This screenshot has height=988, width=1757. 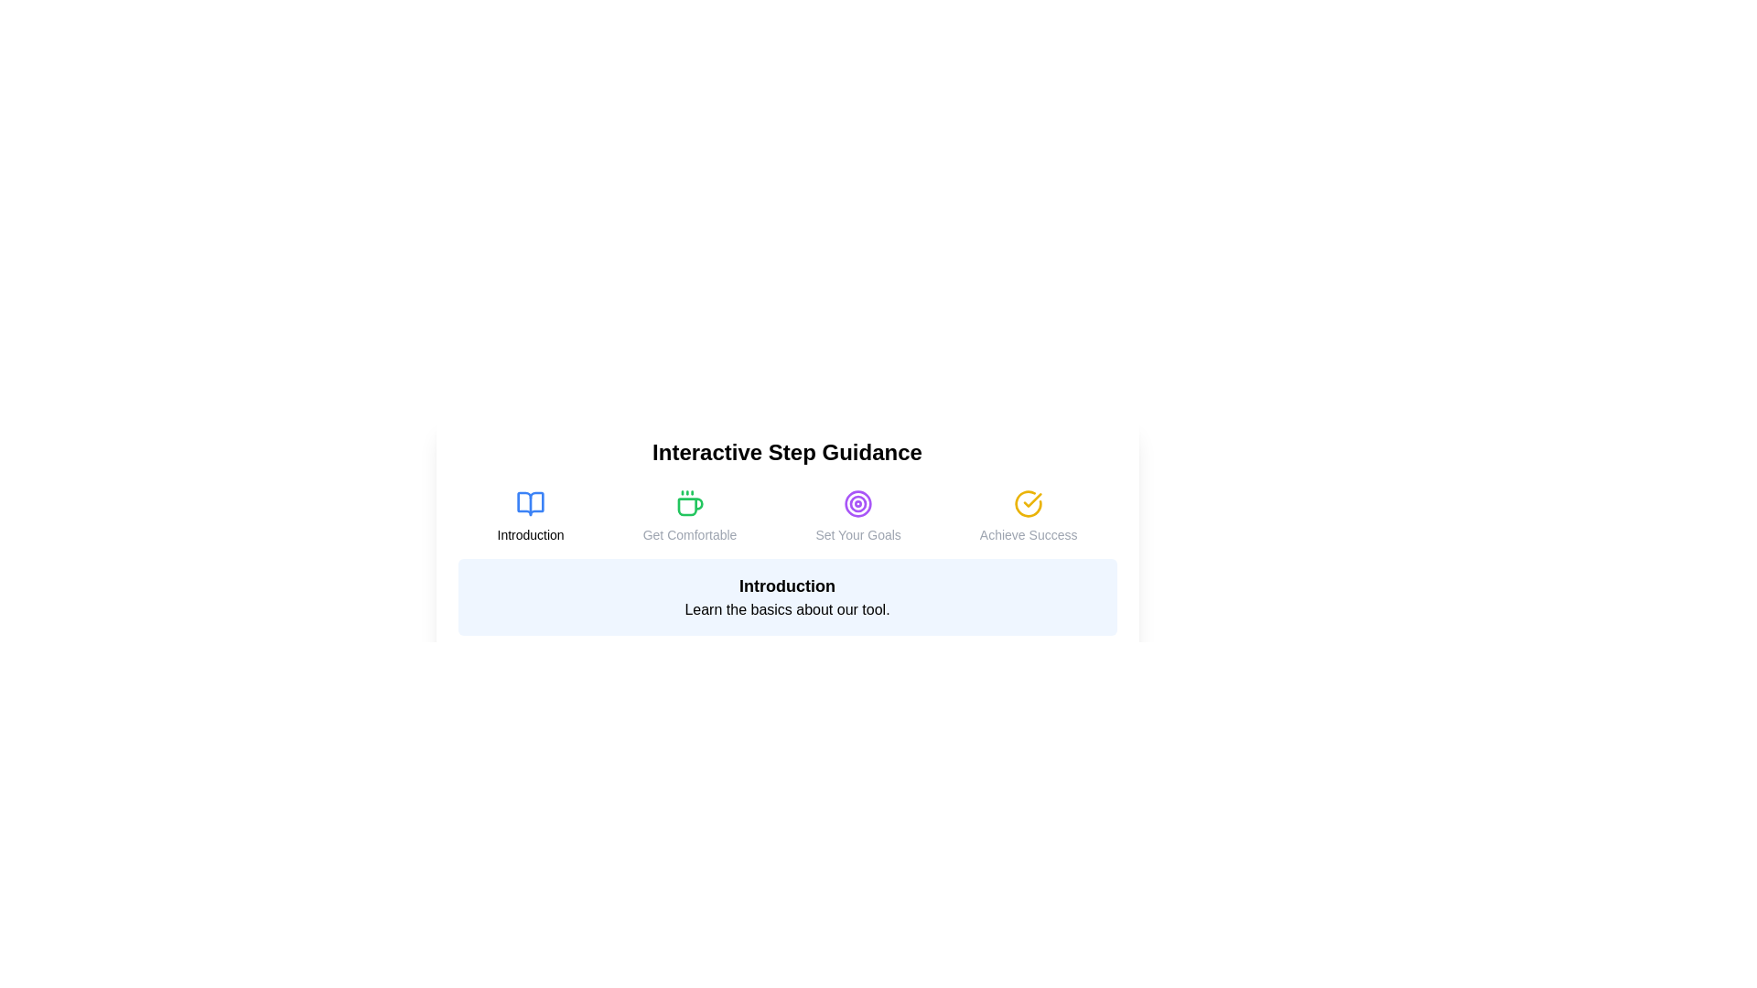 I want to click on the third text label in the navigation set, located below the purple target icon and between 'Get Comfortable' and 'Achieve Success', so click(x=857, y=535).